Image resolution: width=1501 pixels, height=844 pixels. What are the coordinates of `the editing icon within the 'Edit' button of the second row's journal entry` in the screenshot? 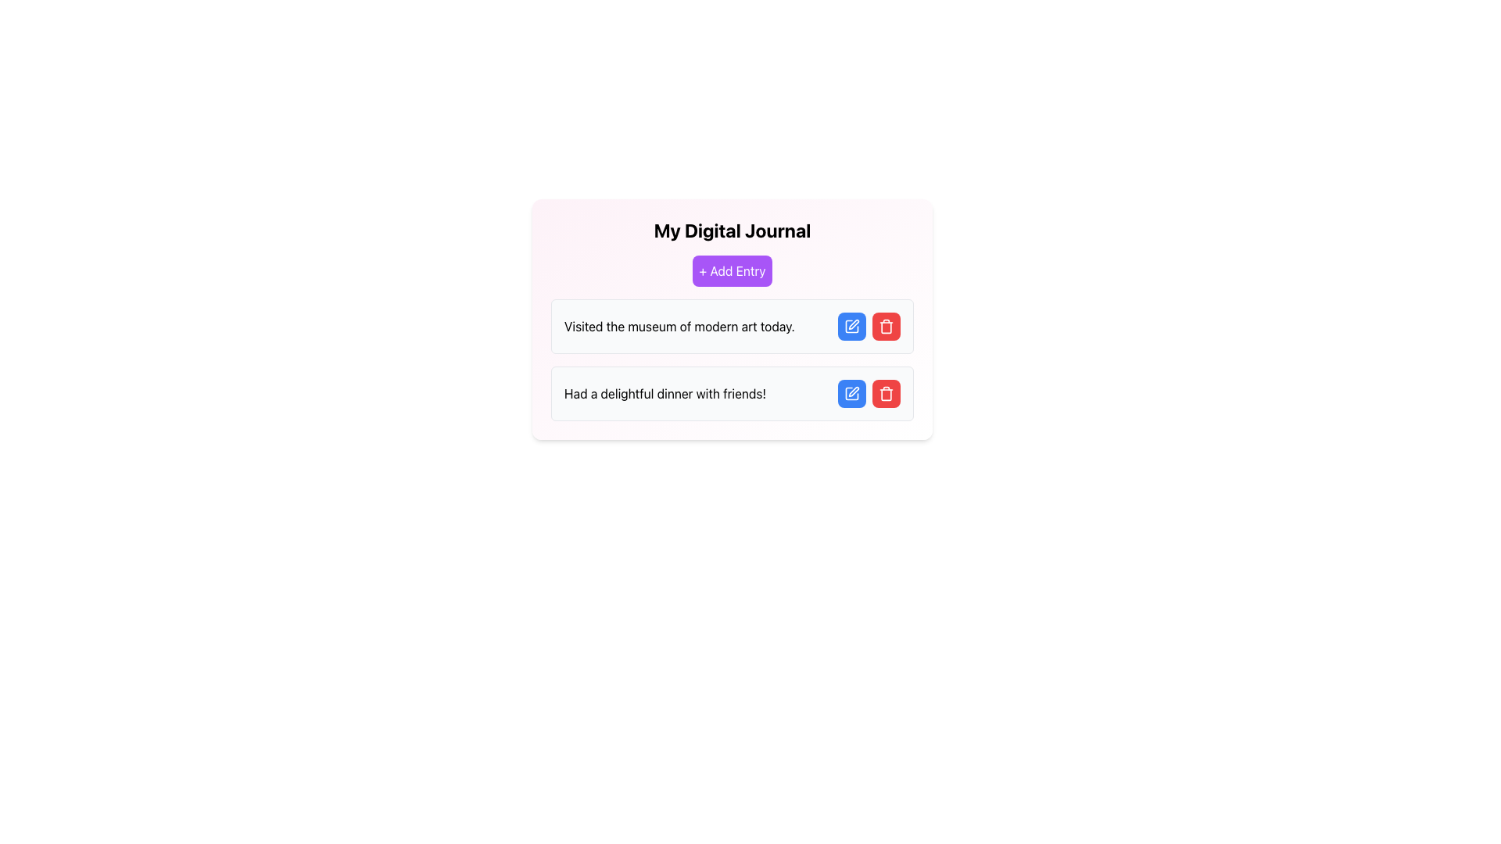 It's located at (853, 391).